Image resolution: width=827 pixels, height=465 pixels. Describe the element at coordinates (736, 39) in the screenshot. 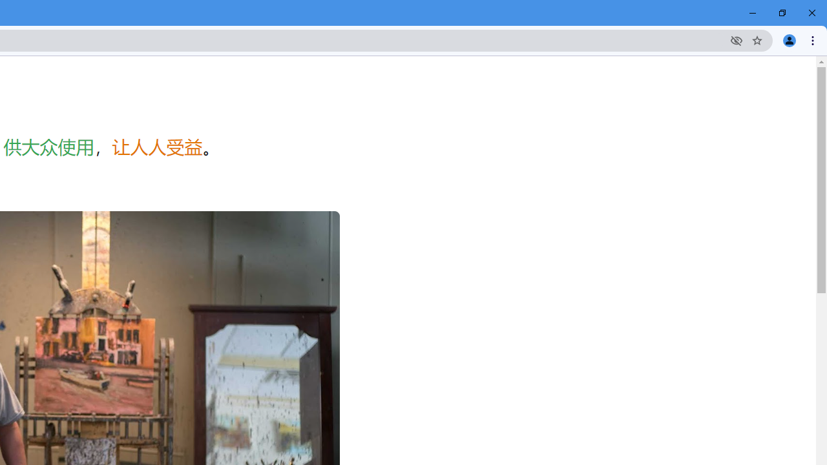

I see `'Third-party cookies blocked'` at that location.